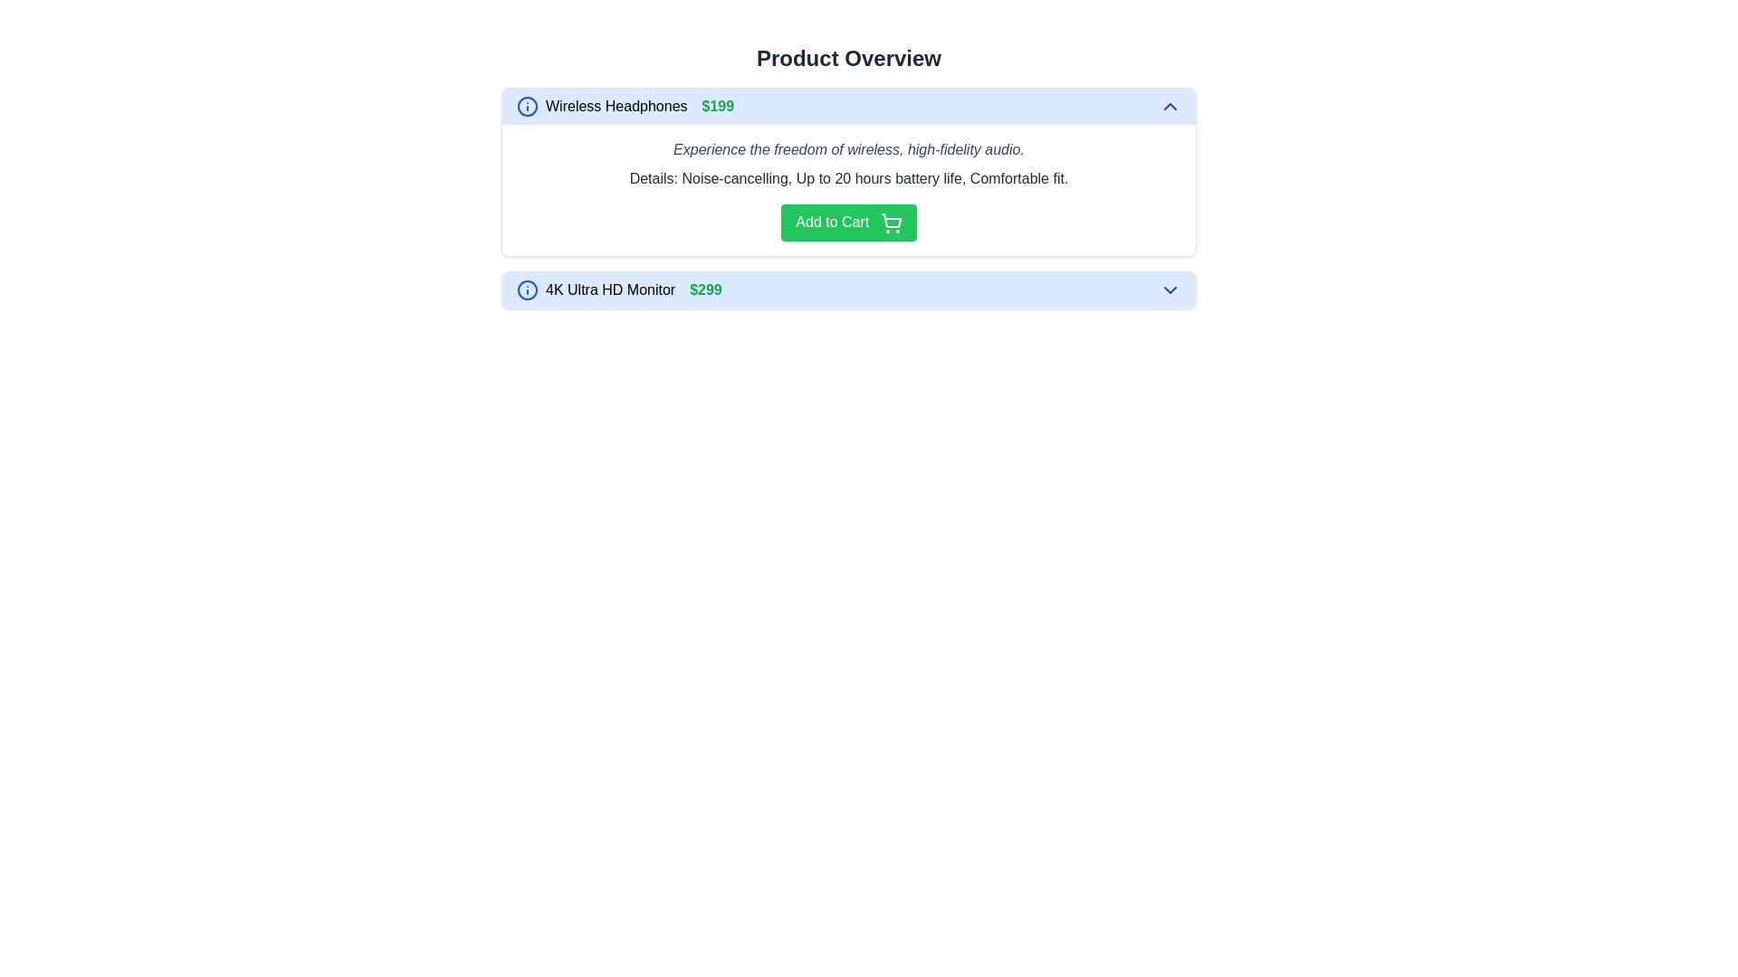  What do you see at coordinates (847, 148) in the screenshot?
I see `the introductory text element that describes the product's key features, which is located above the 'Details' paragraph and the green 'Add to Cart' button, positioned near the upper center of the page` at bounding box center [847, 148].